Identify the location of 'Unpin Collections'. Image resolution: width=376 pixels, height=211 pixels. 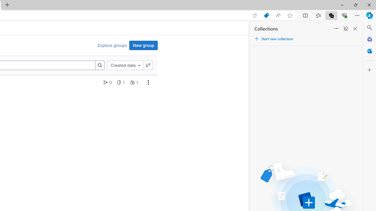
(345, 29).